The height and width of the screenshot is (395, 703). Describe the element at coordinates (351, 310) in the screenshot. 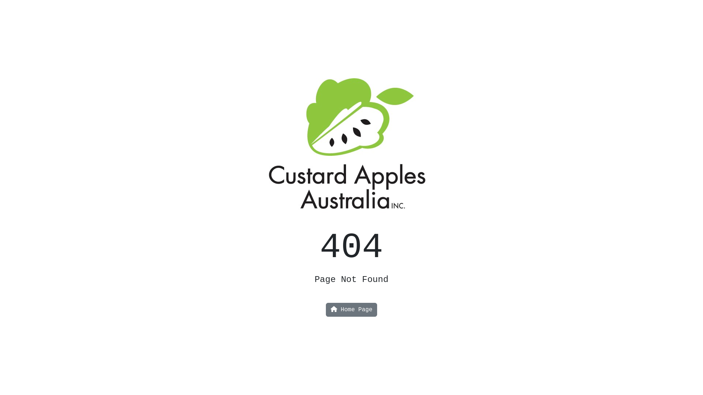

I see `'Home Page'` at that location.